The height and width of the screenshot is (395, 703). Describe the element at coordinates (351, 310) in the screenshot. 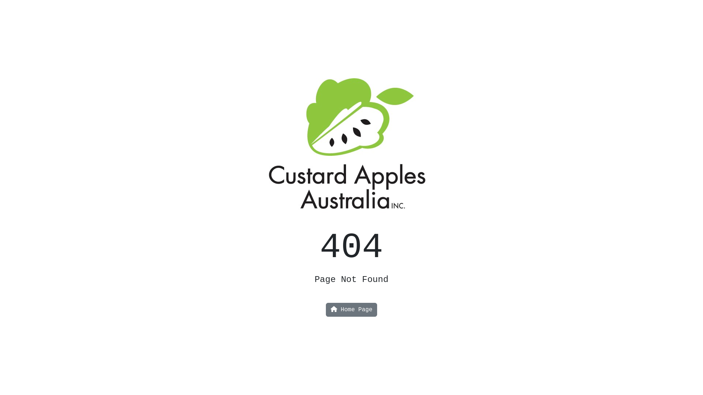

I see `'Home Page'` at that location.